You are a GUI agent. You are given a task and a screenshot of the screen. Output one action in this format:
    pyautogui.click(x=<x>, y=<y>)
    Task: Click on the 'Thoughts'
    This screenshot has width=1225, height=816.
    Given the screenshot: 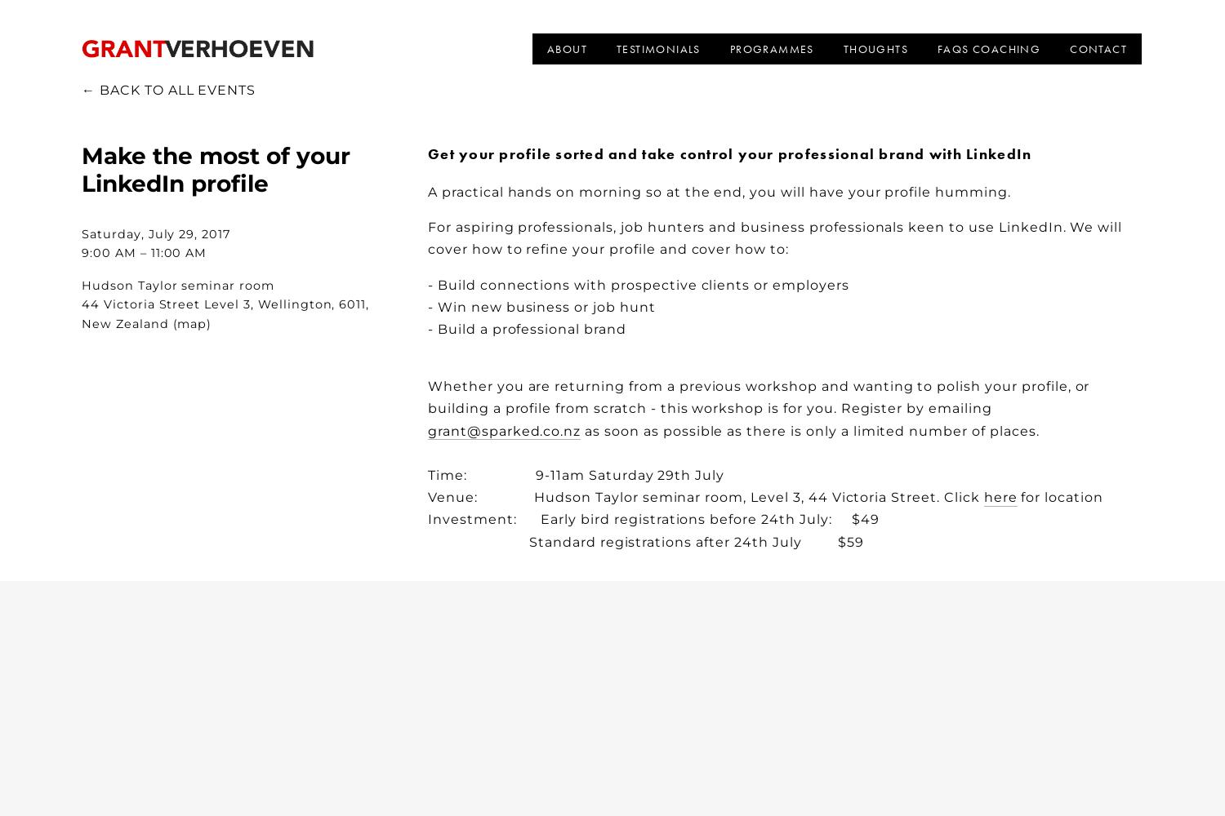 What is the action you would take?
    pyautogui.click(x=874, y=49)
    